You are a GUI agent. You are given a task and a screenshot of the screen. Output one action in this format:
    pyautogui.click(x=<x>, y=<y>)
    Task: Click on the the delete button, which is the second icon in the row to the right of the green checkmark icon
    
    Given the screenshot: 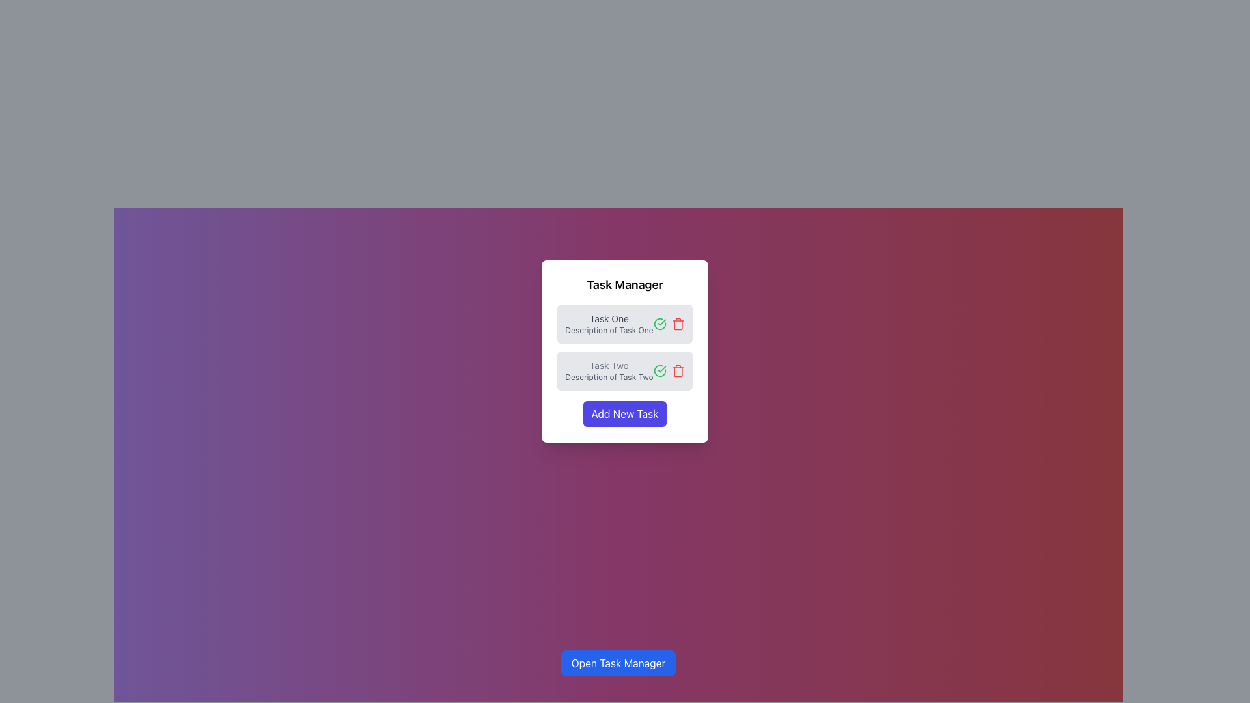 What is the action you would take?
    pyautogui.click(x=677, y=371)
    